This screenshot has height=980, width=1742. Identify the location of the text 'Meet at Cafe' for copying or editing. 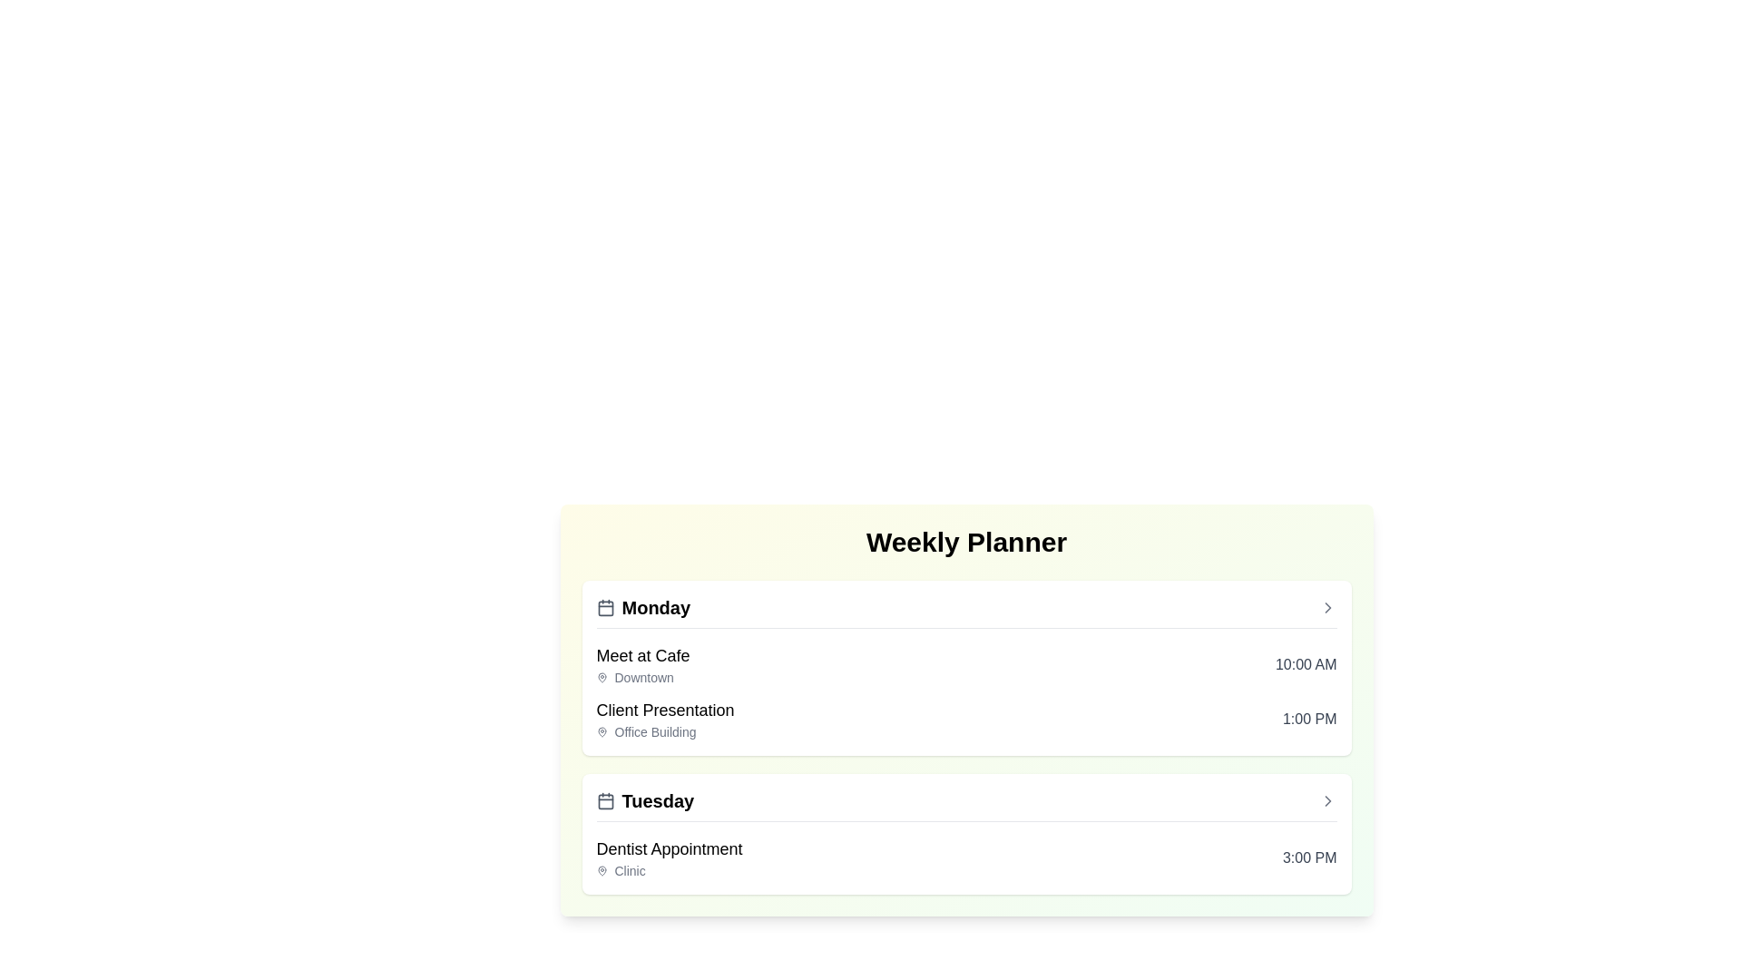
(643, 655).